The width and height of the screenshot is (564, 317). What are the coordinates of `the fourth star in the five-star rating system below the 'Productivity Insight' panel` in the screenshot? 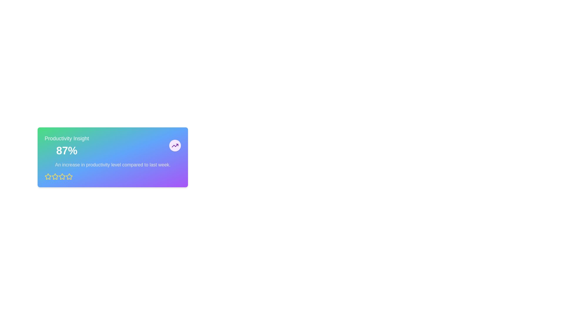 It's located at (62, 176).